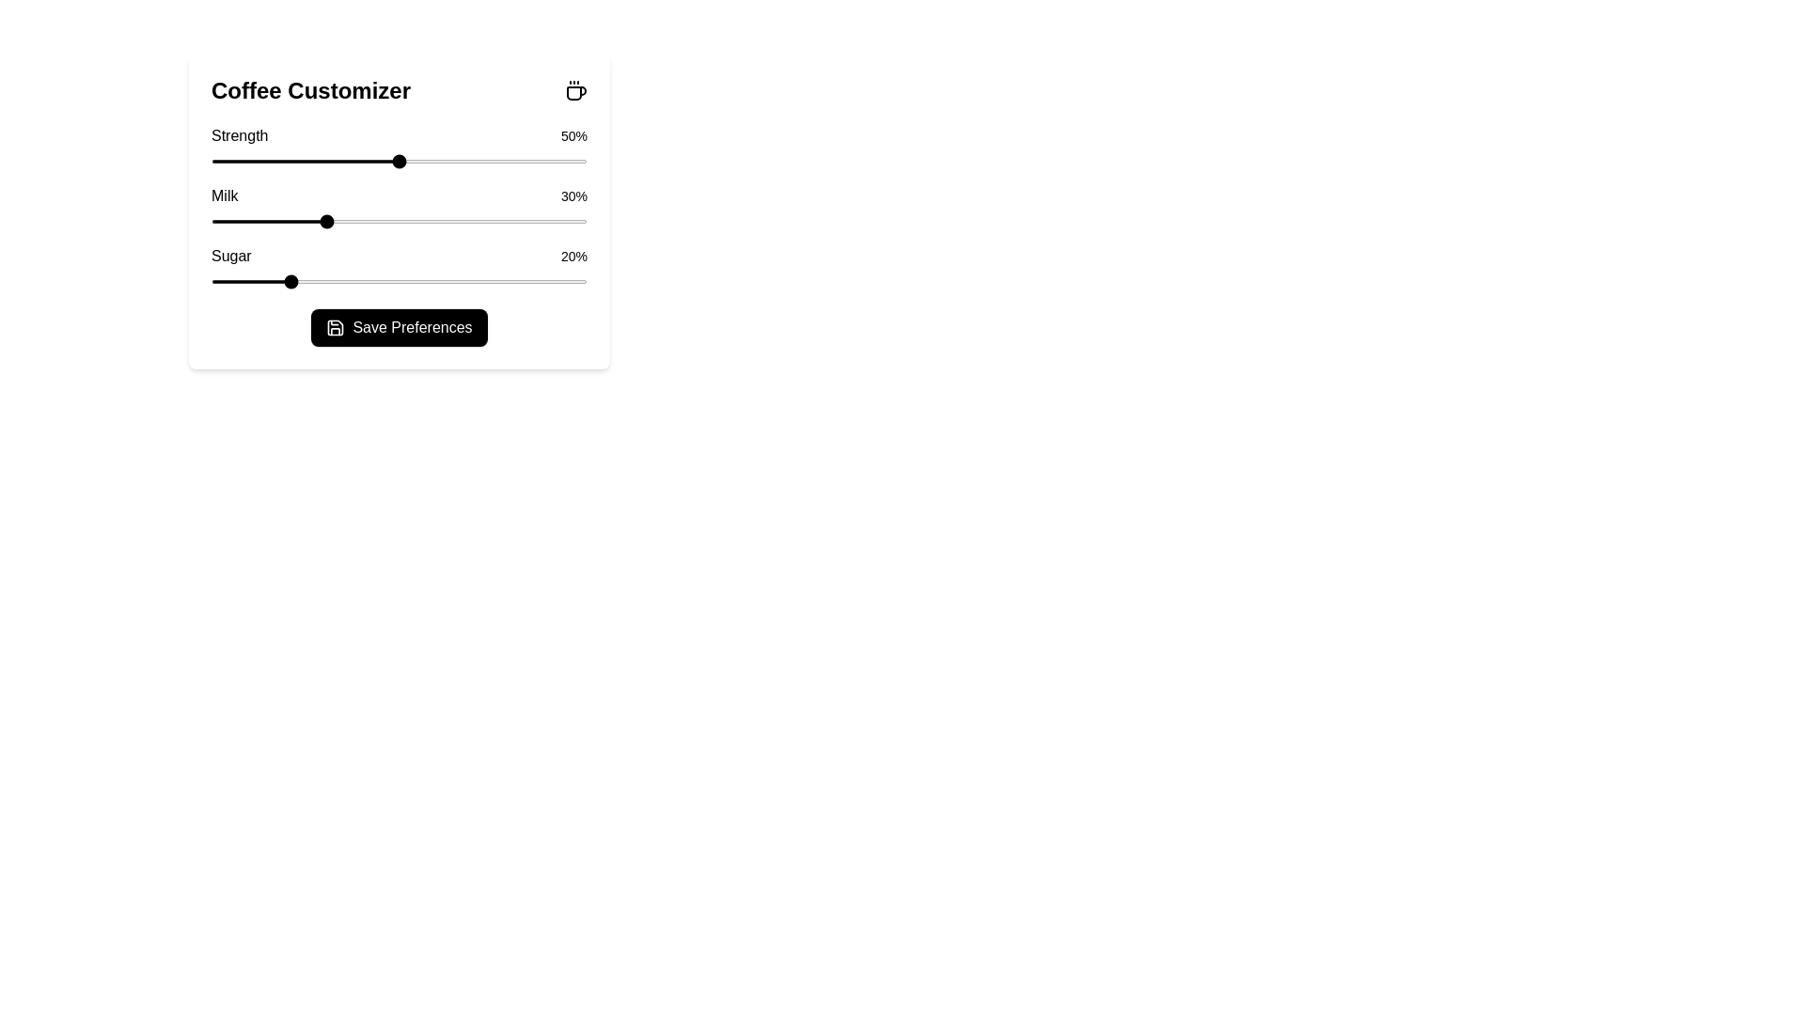 The image size is (1805, 1015). What do you see at coordinates (537, 220) in the screenshot?
I see `milk percentage` at bounding box center [537, 220].